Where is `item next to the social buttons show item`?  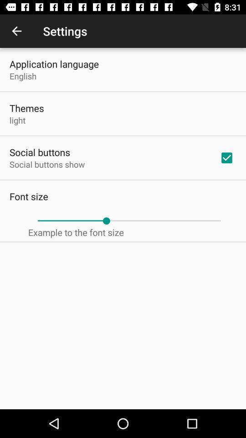 item next to the social buttons show item is located at coordinates (226, 158).